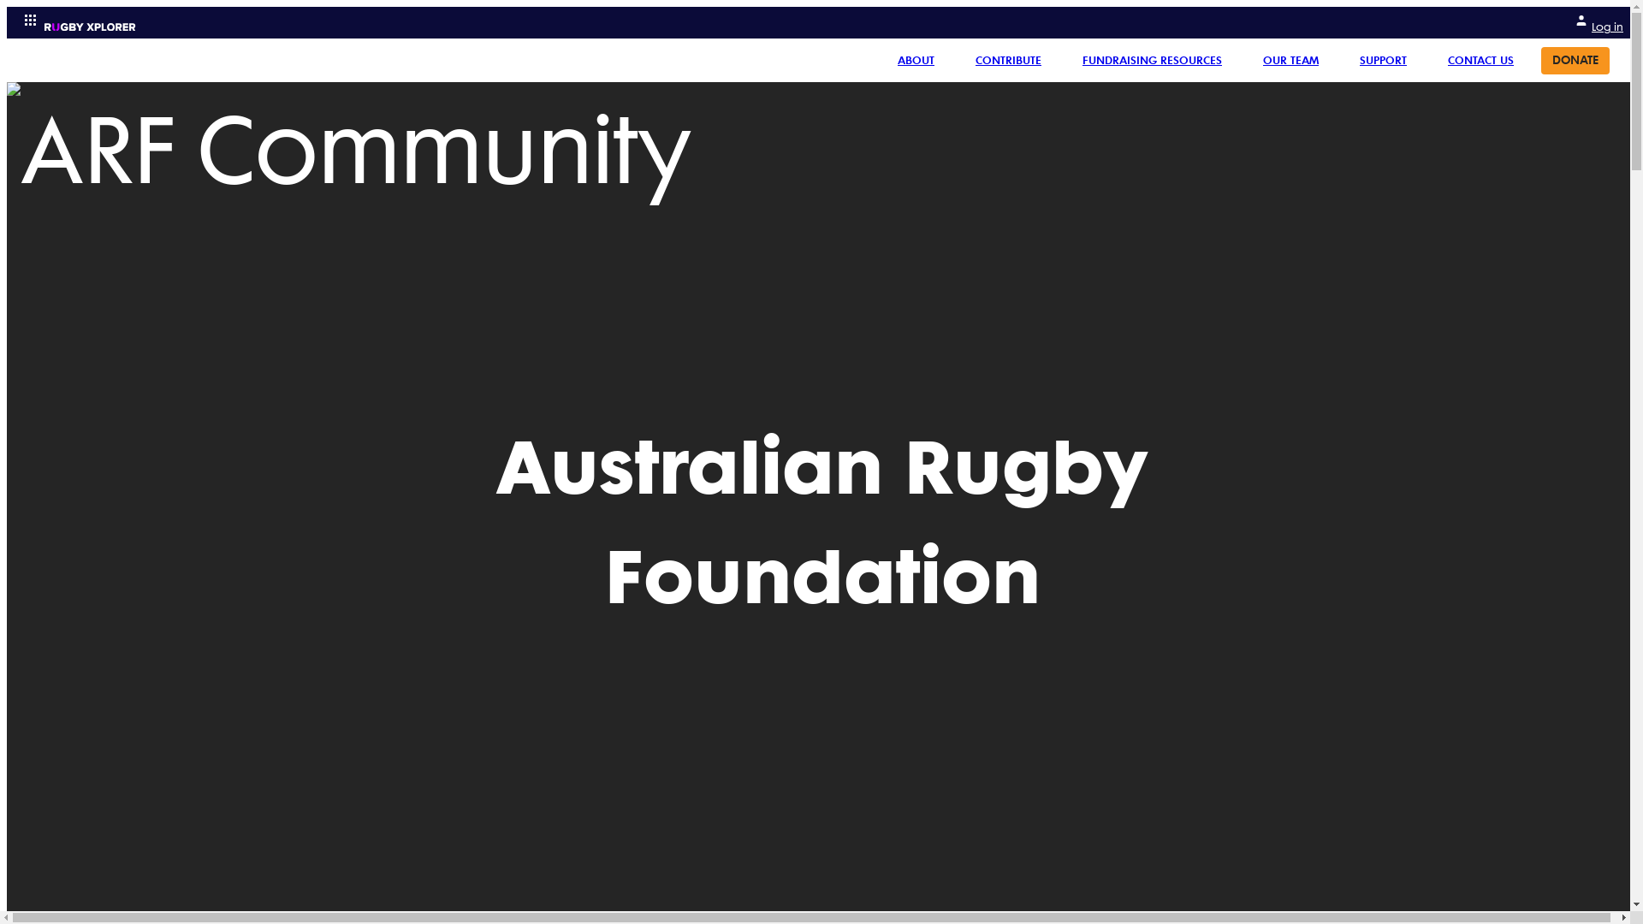 The height and width of the screenshot is (924, 1643). Describe the element at coordinates (1480, 59) in the screenshot. I see `'CONTACT US'` at that location.